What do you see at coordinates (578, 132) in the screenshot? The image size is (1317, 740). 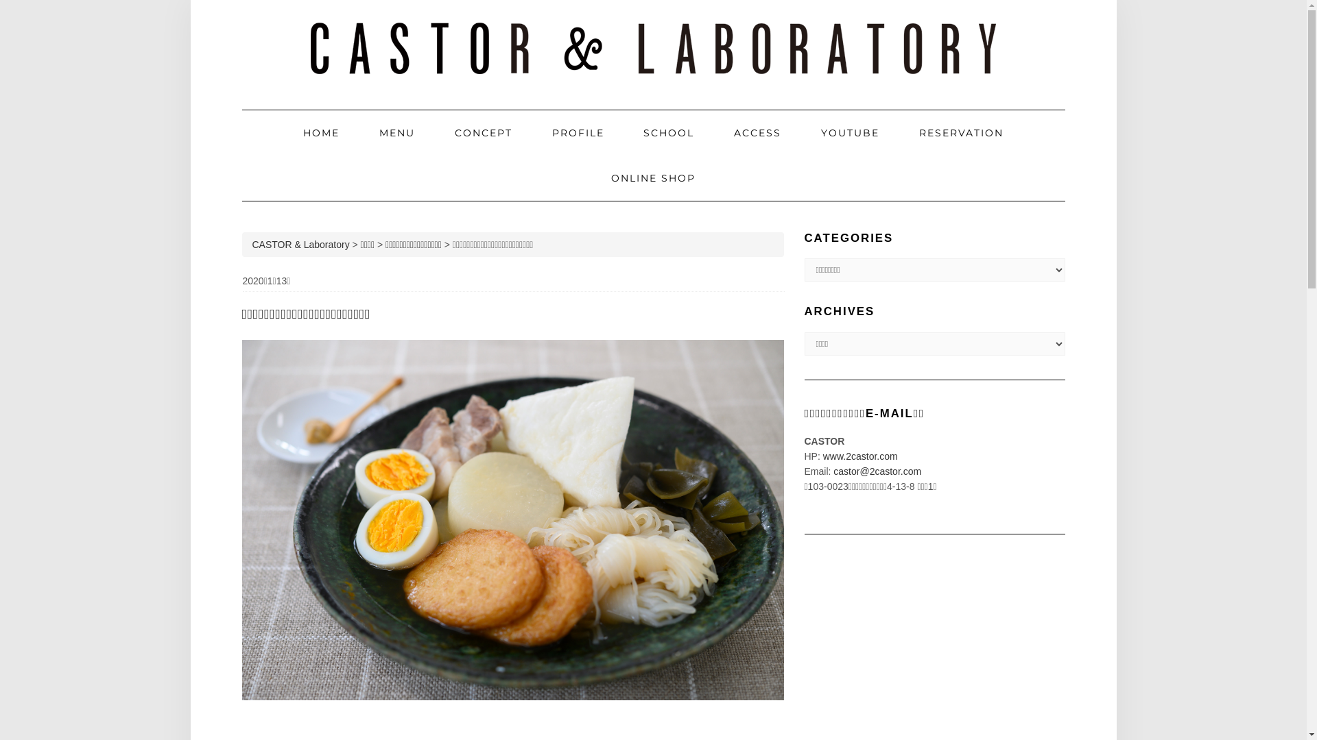 I see `'PROFILE'` at bounding box center [578, 132].